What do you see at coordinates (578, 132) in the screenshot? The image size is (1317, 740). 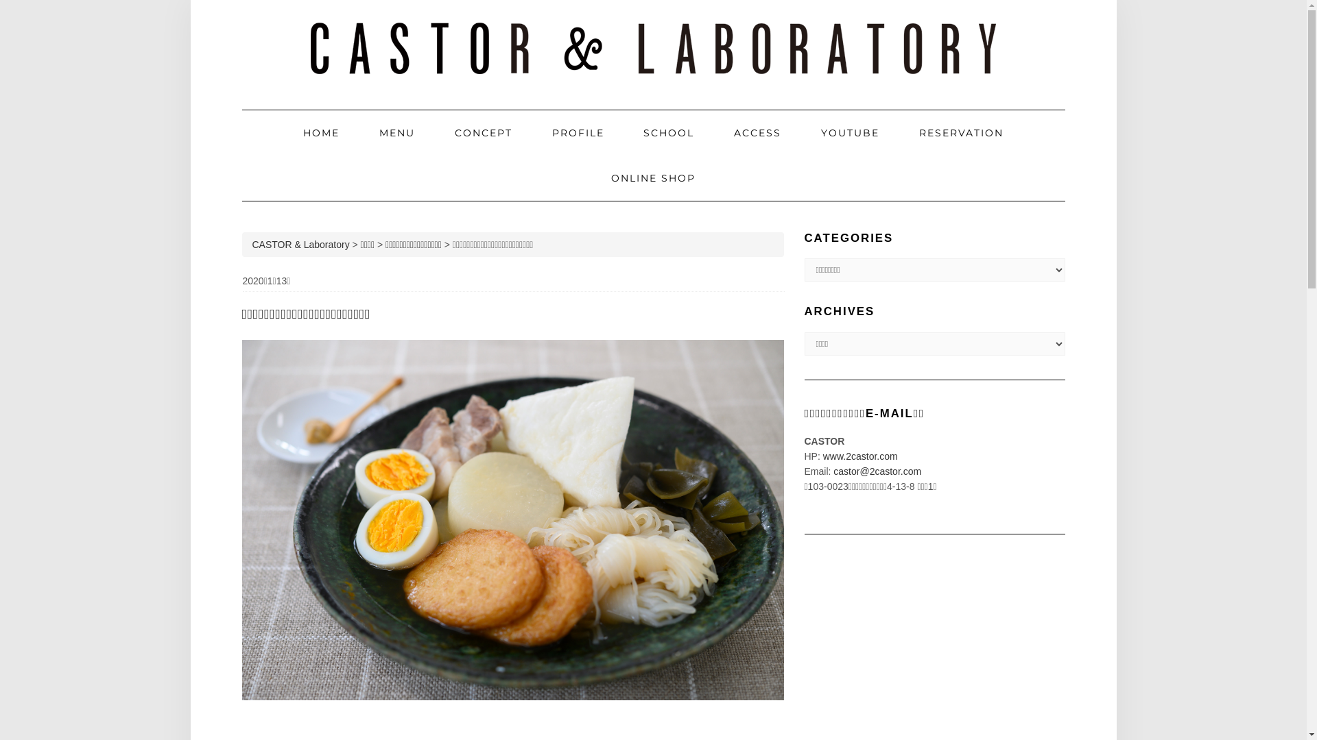 I see `'PROFILE'` at bounding box center [578, 132].